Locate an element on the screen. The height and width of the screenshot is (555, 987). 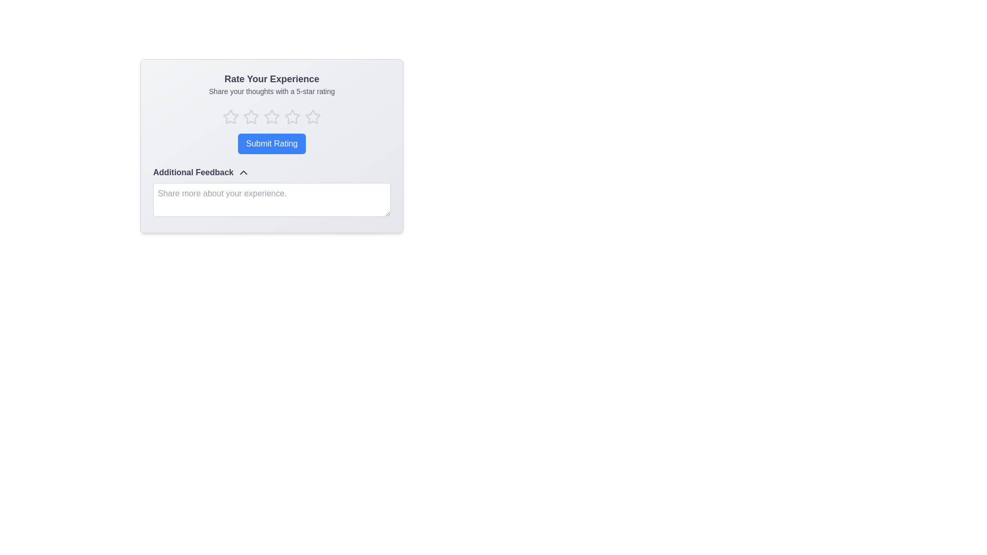
the fourth star icon from the left to rate it as a '4-star' rating under the 'Rate Your Experience' section is located at coordinates (313, 116).